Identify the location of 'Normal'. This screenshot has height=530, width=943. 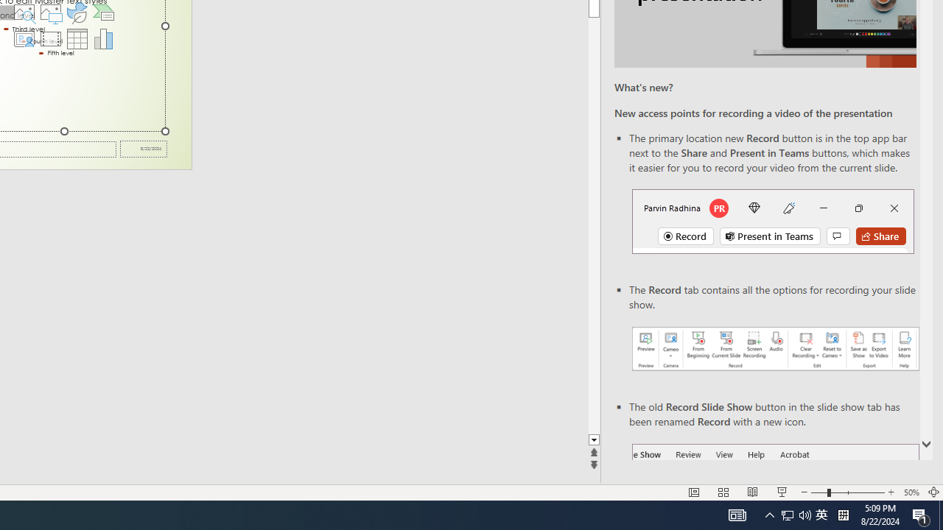
(693, 492).